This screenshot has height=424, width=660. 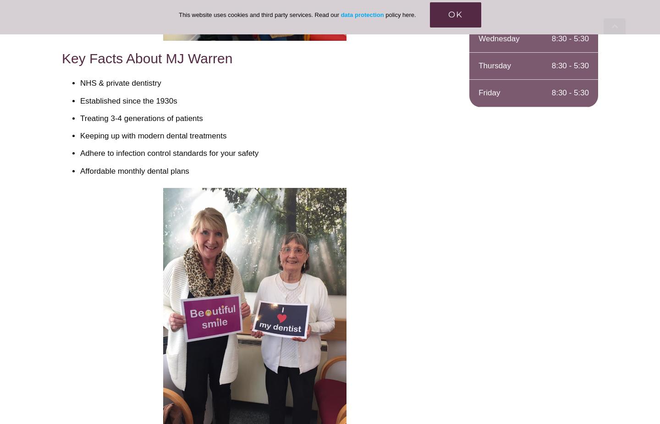 I want to click on 'Keeping up with modern dental treatments', so click(x=79, y=135).